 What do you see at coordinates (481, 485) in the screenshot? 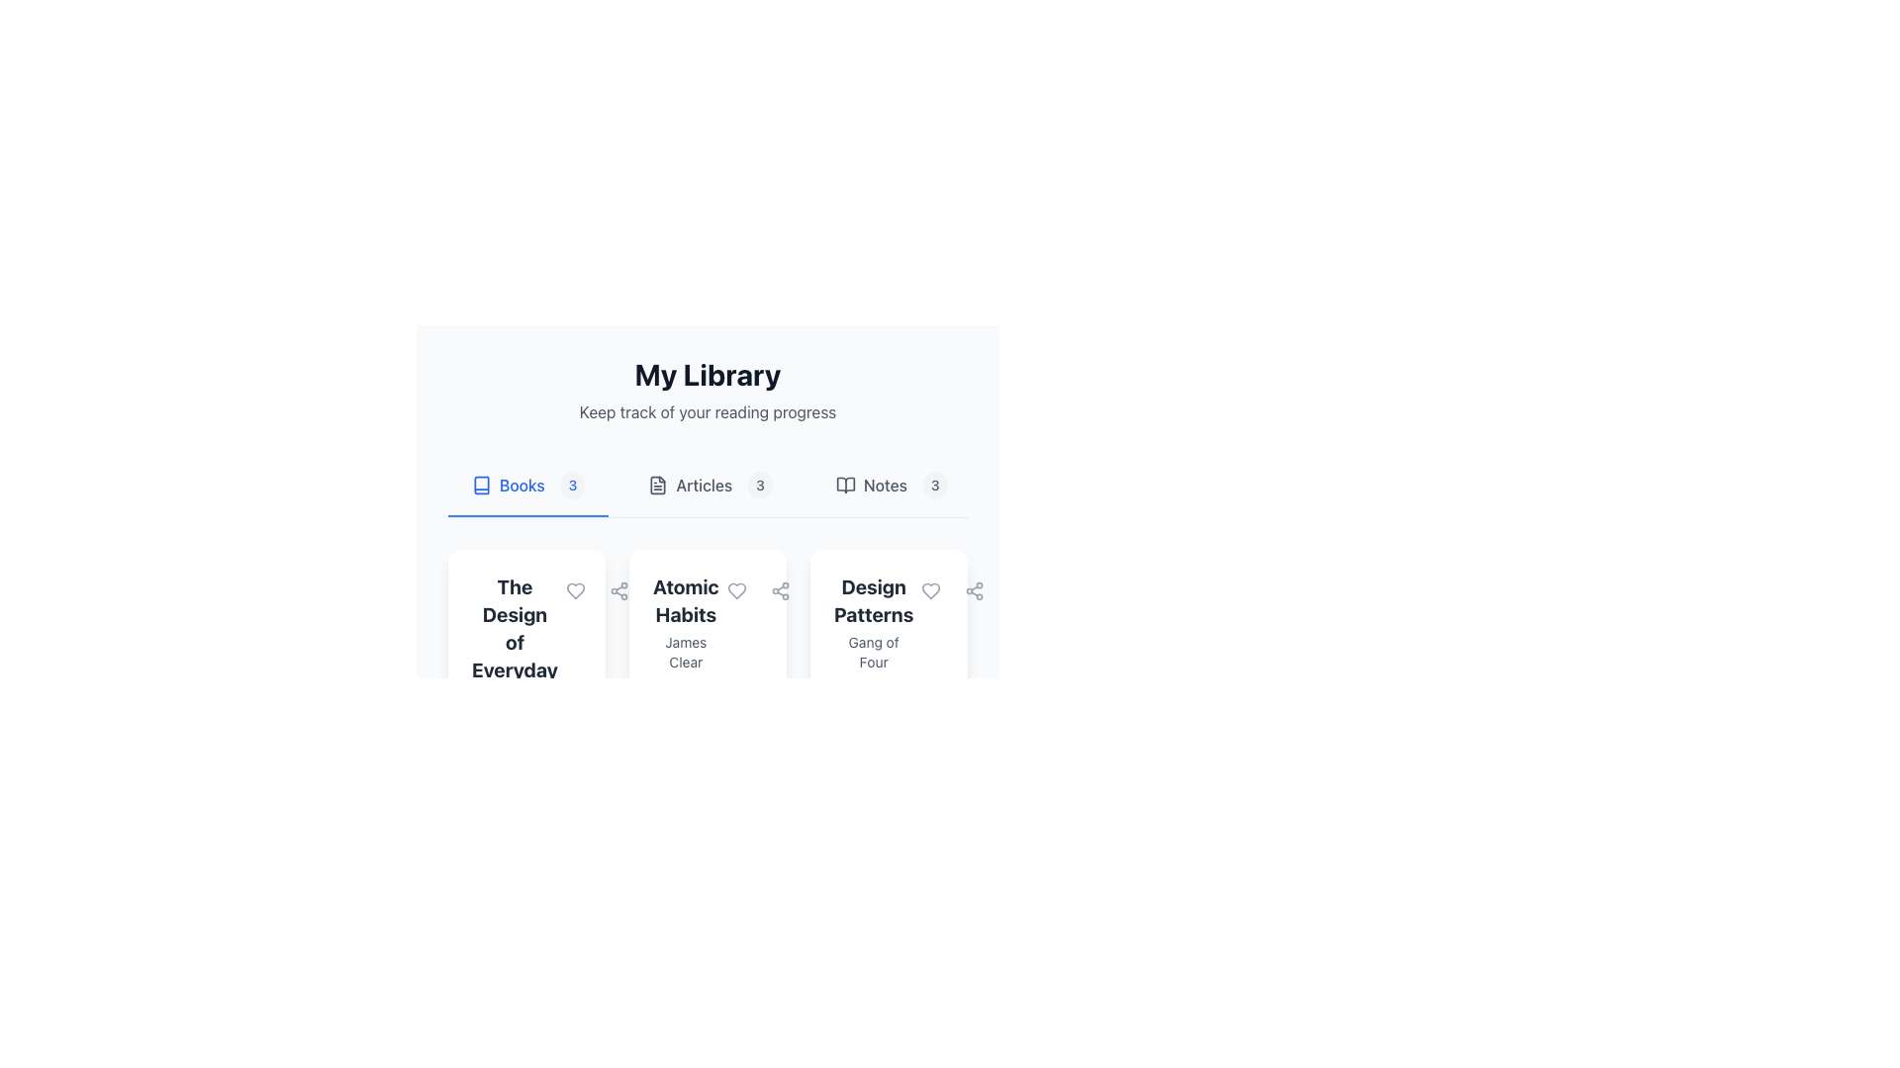
I see `the decorative graphic icon representing the 'Books' section in the library interface, located near the top-left quadrant adjacent to the 'Books' label` at bounding box center [481, 485].